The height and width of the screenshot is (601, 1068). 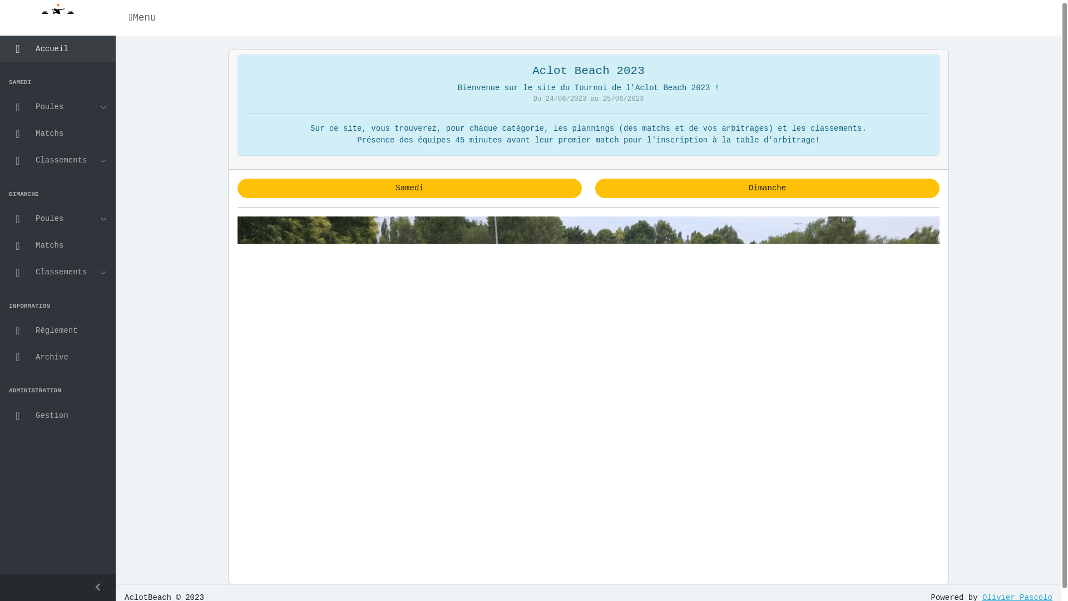 I want to click on 'Menu', so click(x=144, y=17).